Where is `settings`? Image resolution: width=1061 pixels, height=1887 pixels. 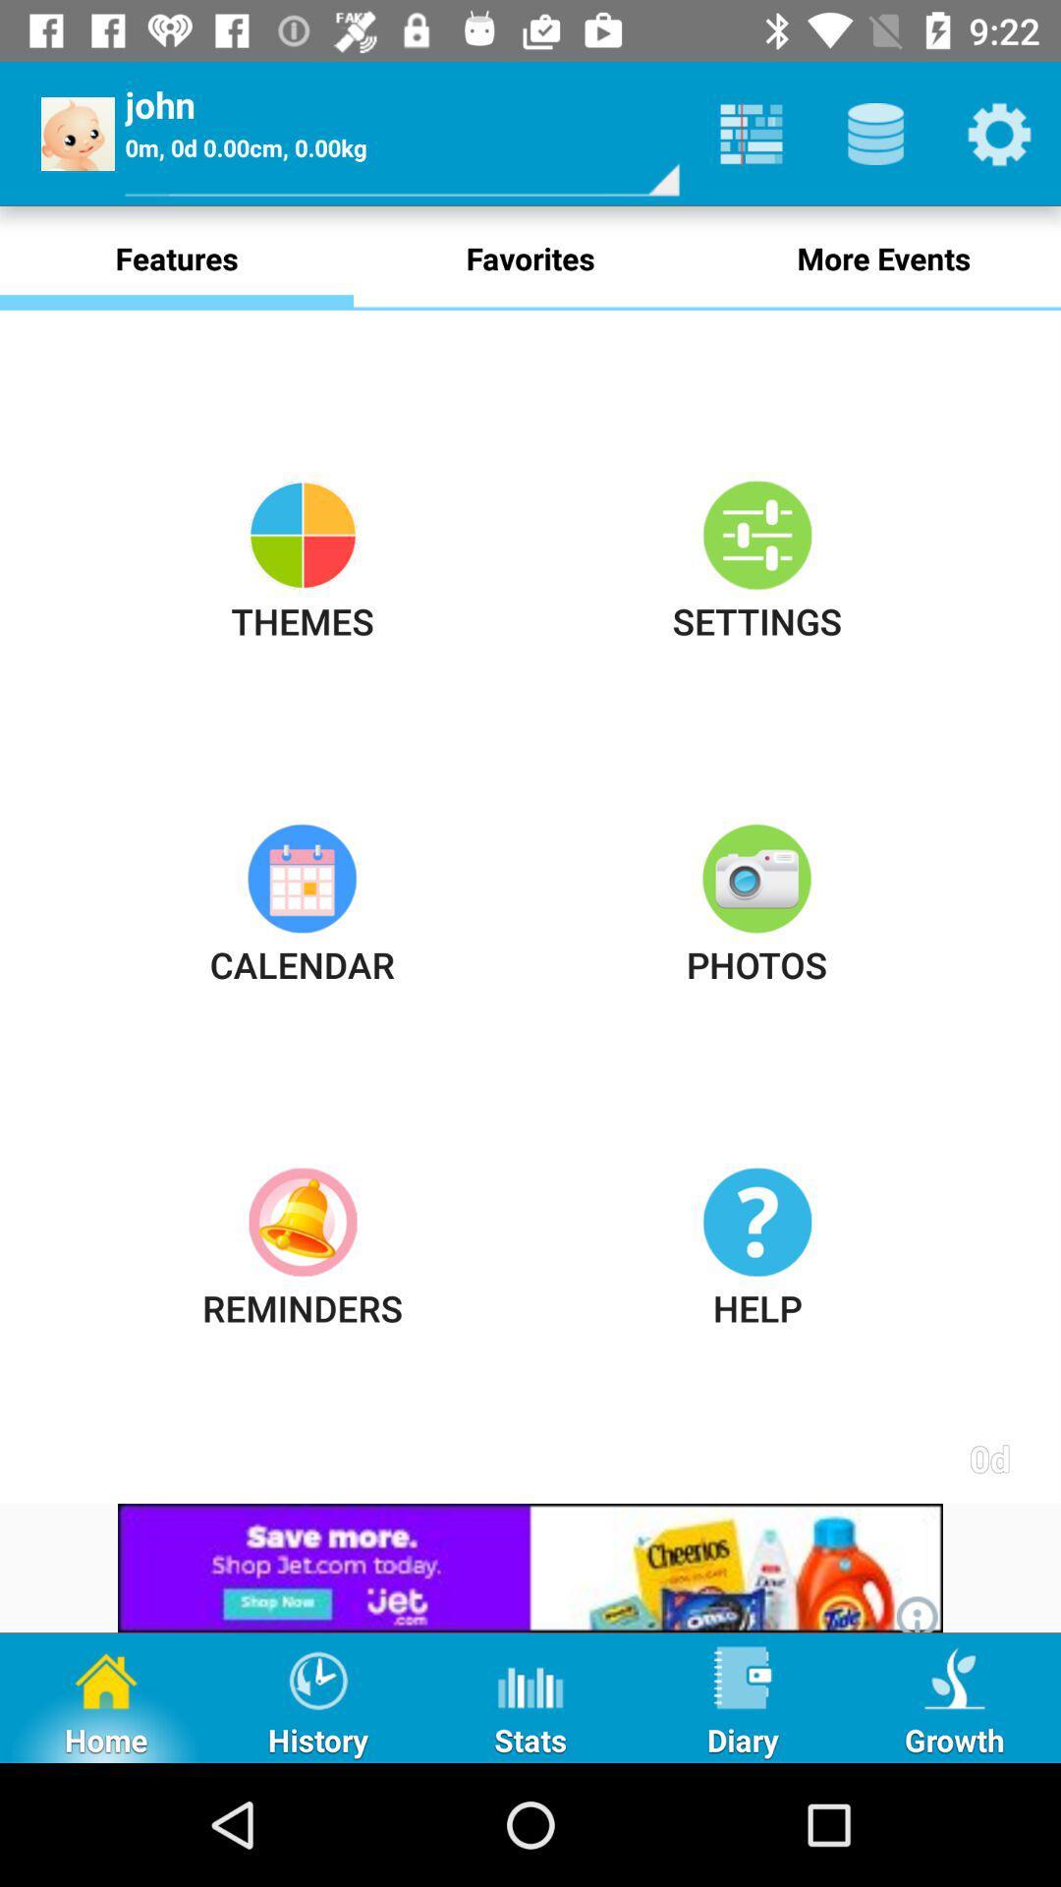 settings is located at coordinates (999, 133).